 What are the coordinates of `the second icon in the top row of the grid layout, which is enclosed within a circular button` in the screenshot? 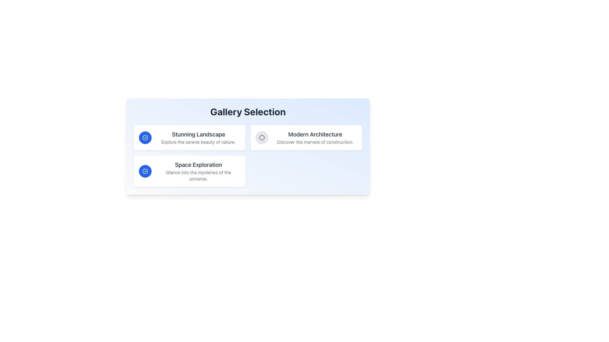 It's located at (262, 137).